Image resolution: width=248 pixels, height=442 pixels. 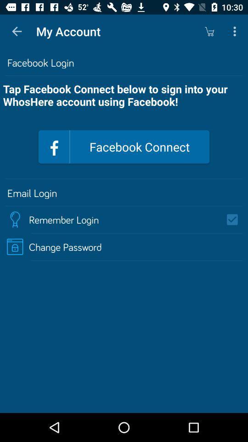 What do you see at coordinates (235, 220) in the screenshot?
I see `item on the right` at bounding box center [235, 220].